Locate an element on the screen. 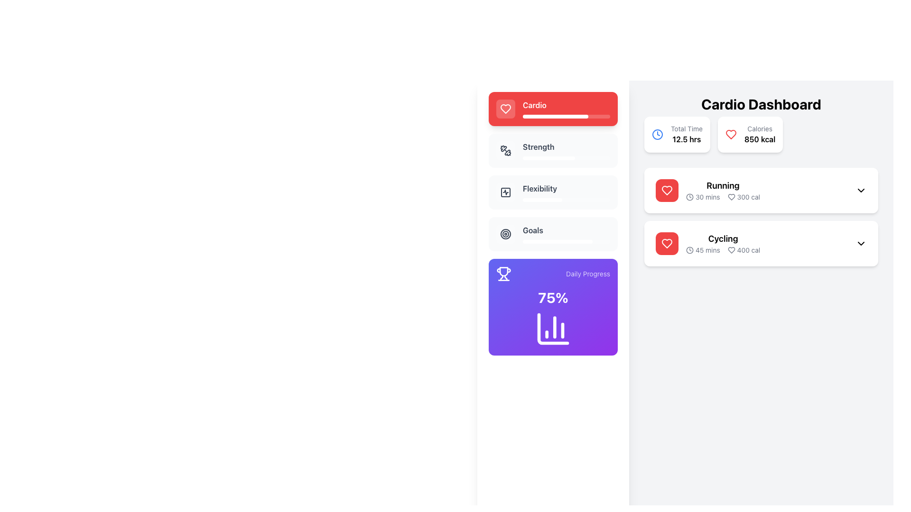 This screenshot has height=512, width=911. the heart icon in the sidebar that visually indicates the 'Cardio' section, which is part of a red button labeled 'Cardio' is located at coordinates (505, 109).